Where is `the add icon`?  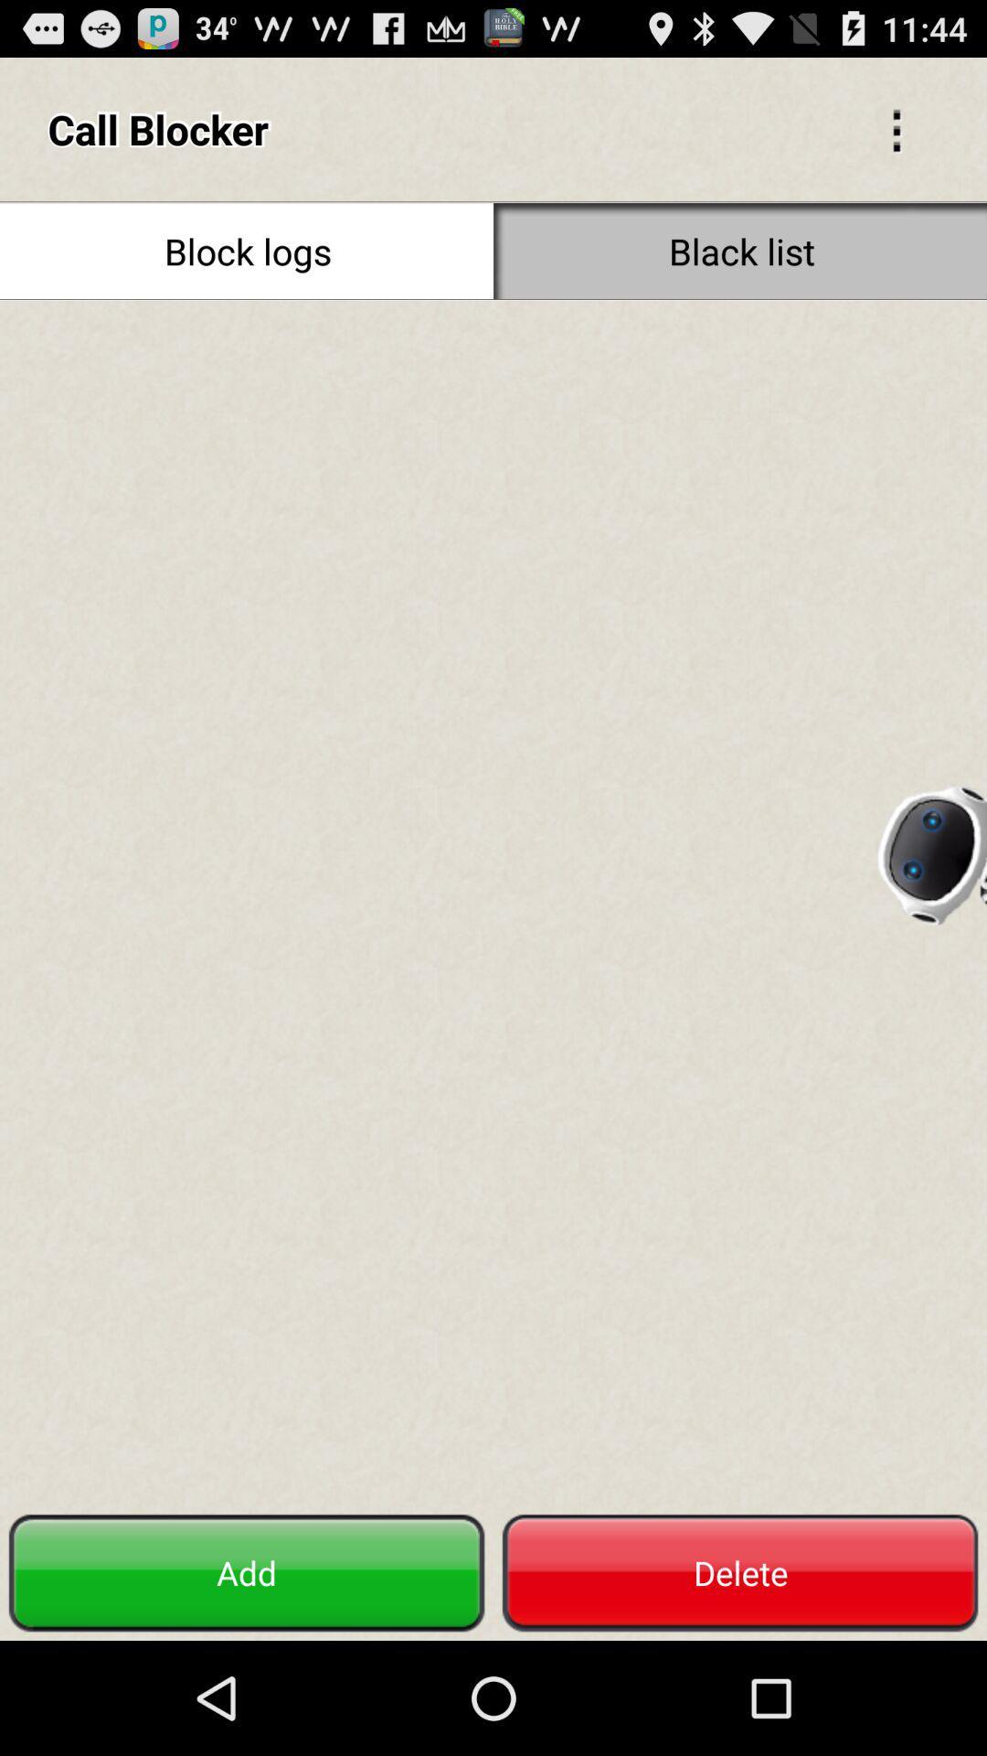
the add icon is located at coordinates (247, 1572).